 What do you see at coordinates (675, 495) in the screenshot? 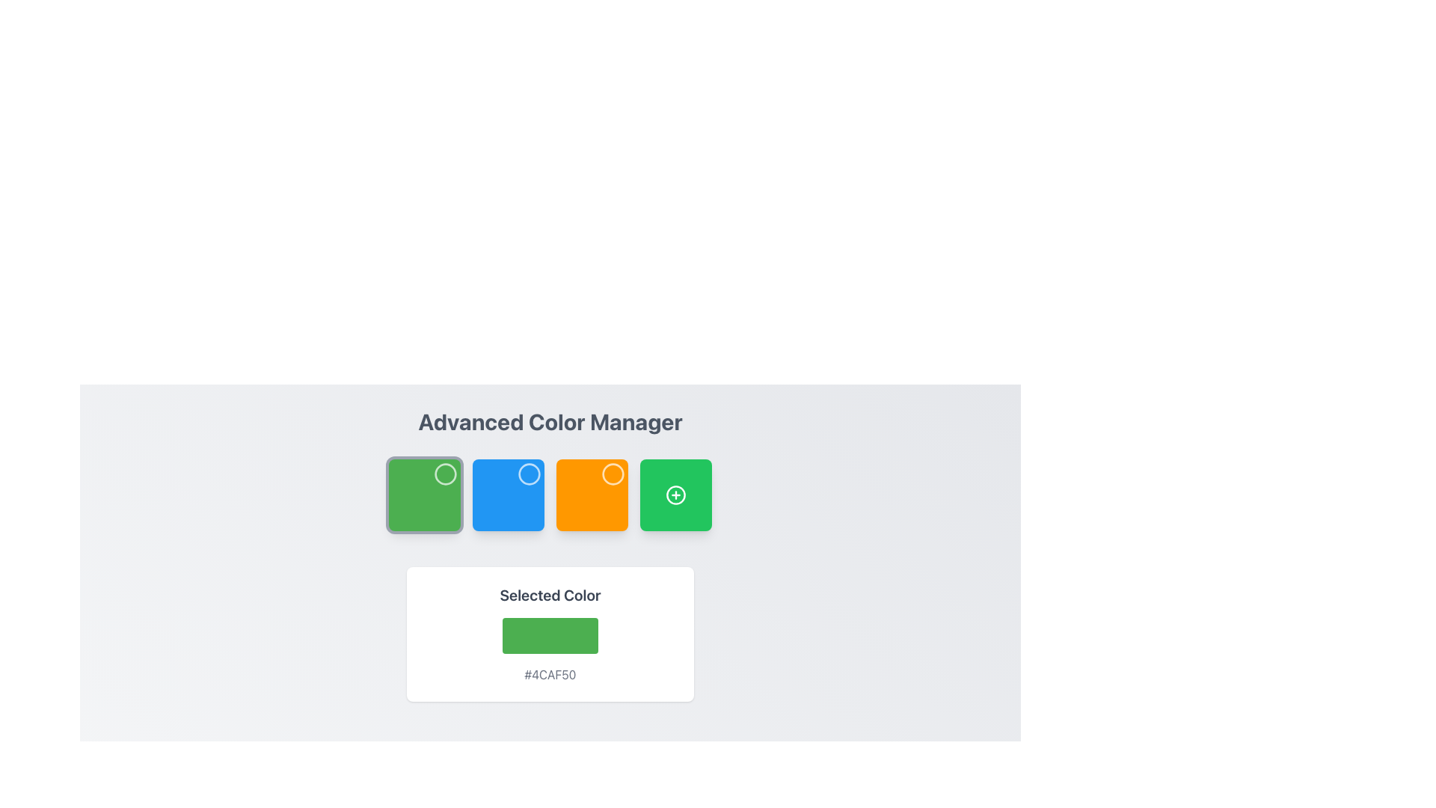
I see `the Add/Plus icon located in the fourth square of a row of four colored squares below the 'Advanced Color Manager' title` at bounding box center [675, 495].